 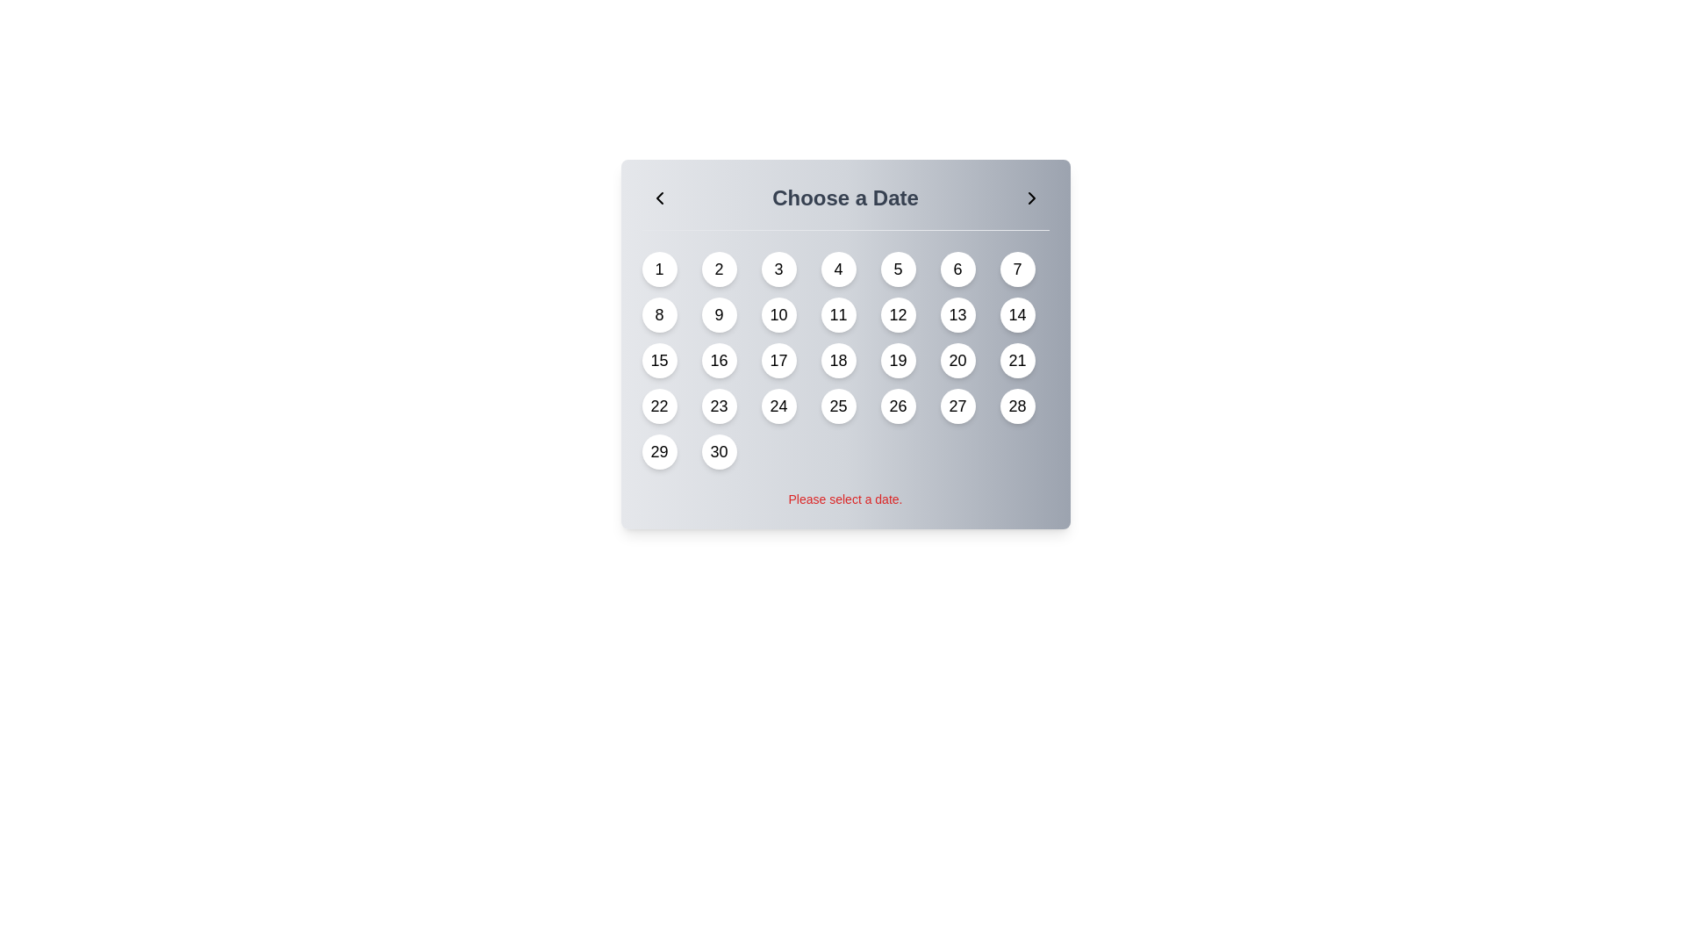 I want to click on the calendar button representing day '2', so click(x=719, y=269).